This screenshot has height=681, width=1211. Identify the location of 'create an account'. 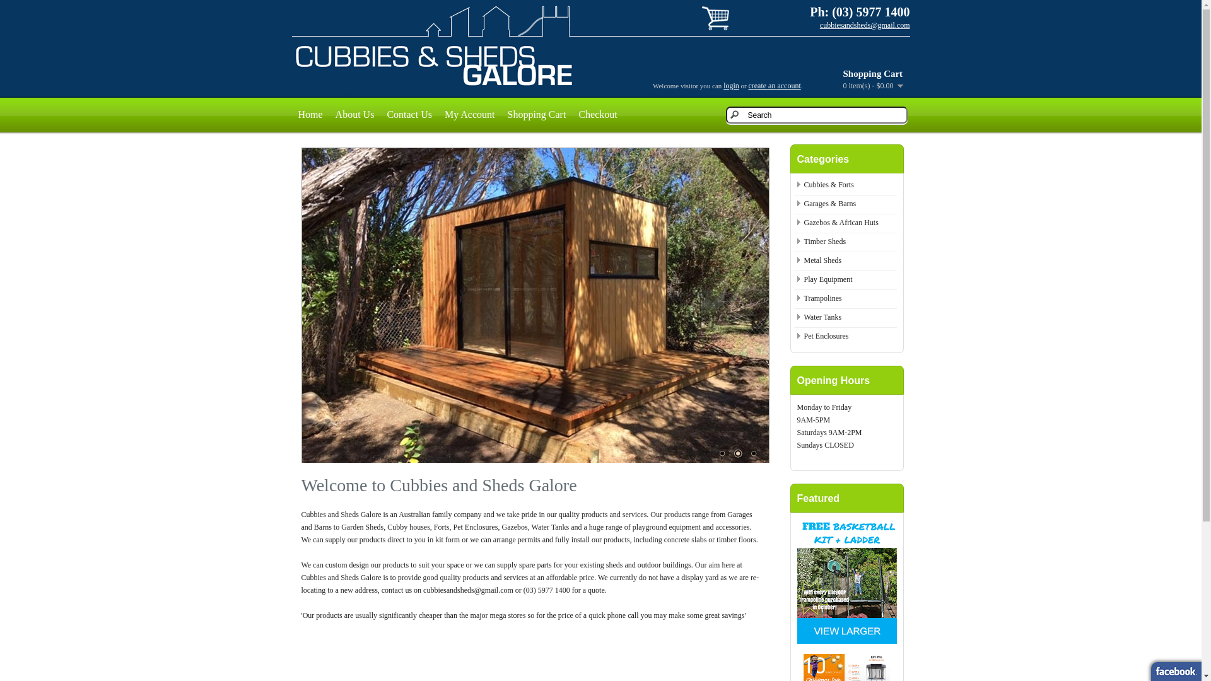
(773, 85).